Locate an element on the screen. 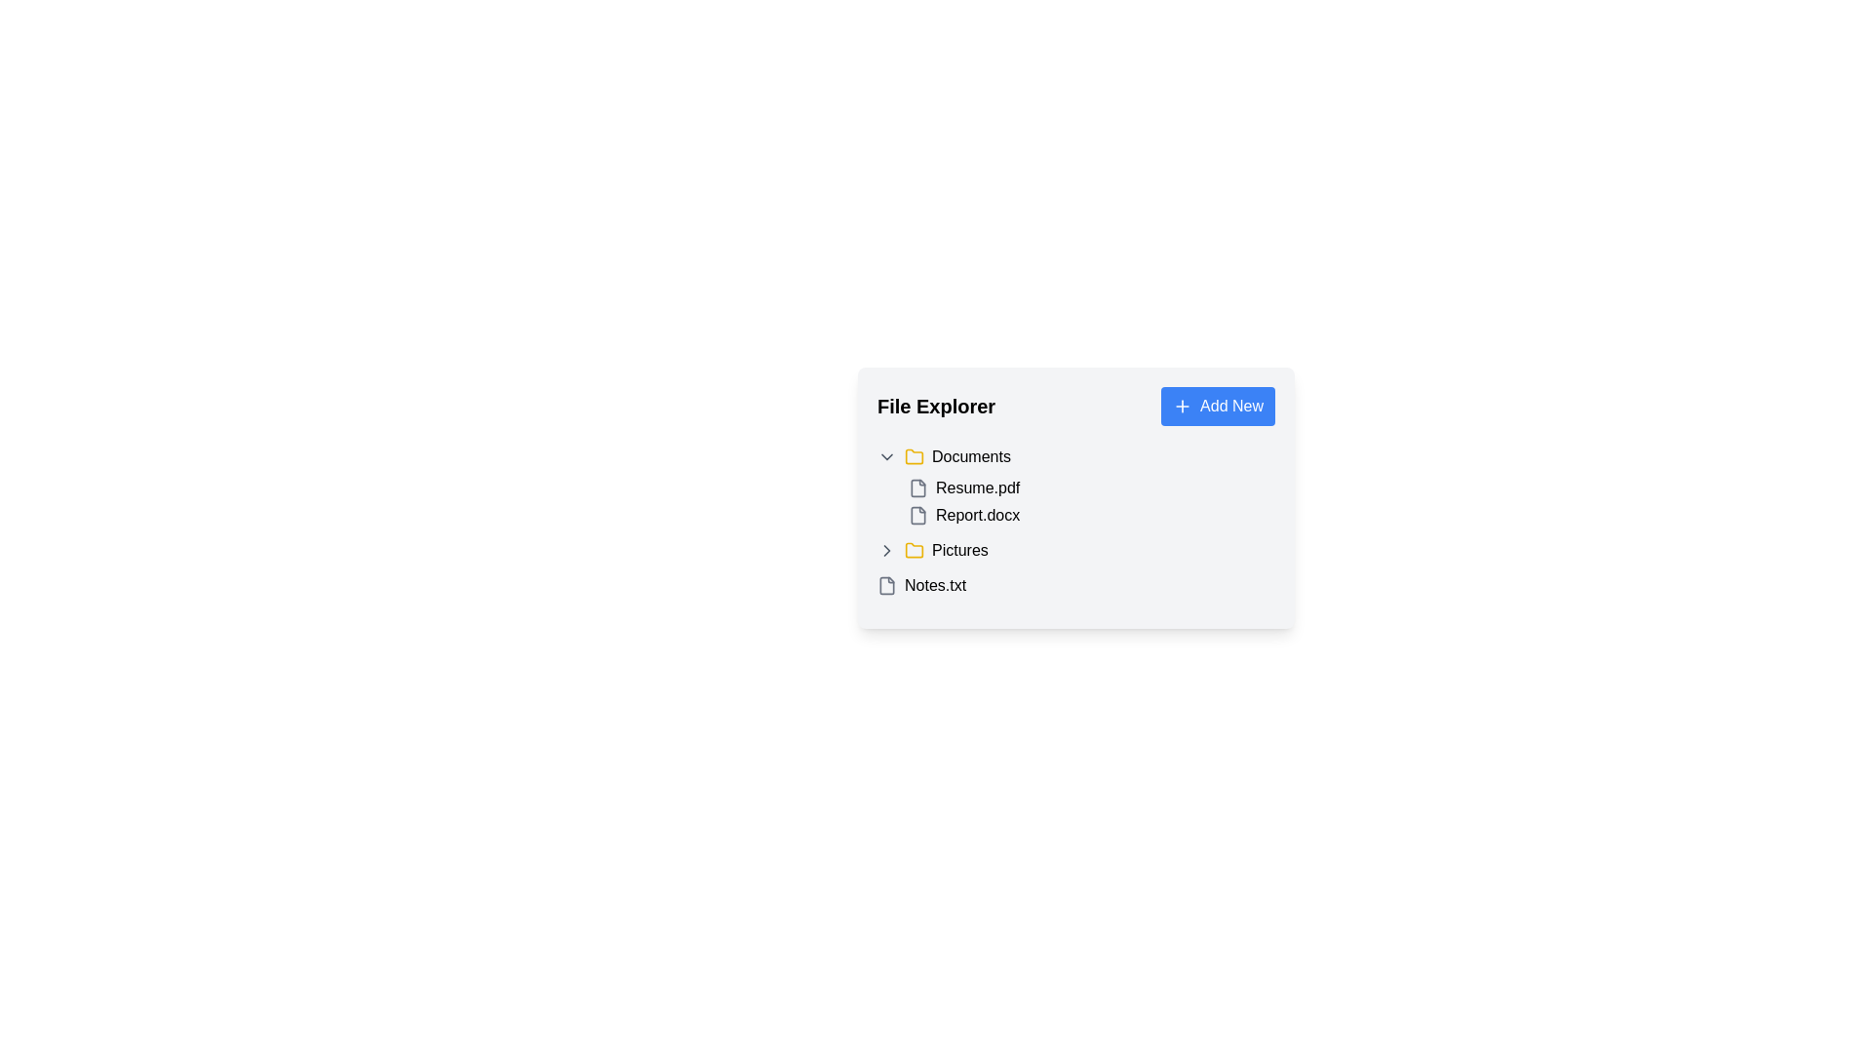 Image resolution: width=1872 pixels, height=1053 pixels. the chevron-down toggle icon located to the left of the 'Documents' text in the File Explorer interface is located at coordinates (886, 457).